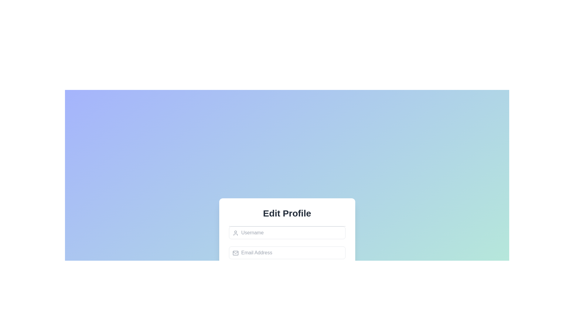  I want to click on the gray minimalist user icon located to the left inside the 'Username' input field, so click(235, 233).